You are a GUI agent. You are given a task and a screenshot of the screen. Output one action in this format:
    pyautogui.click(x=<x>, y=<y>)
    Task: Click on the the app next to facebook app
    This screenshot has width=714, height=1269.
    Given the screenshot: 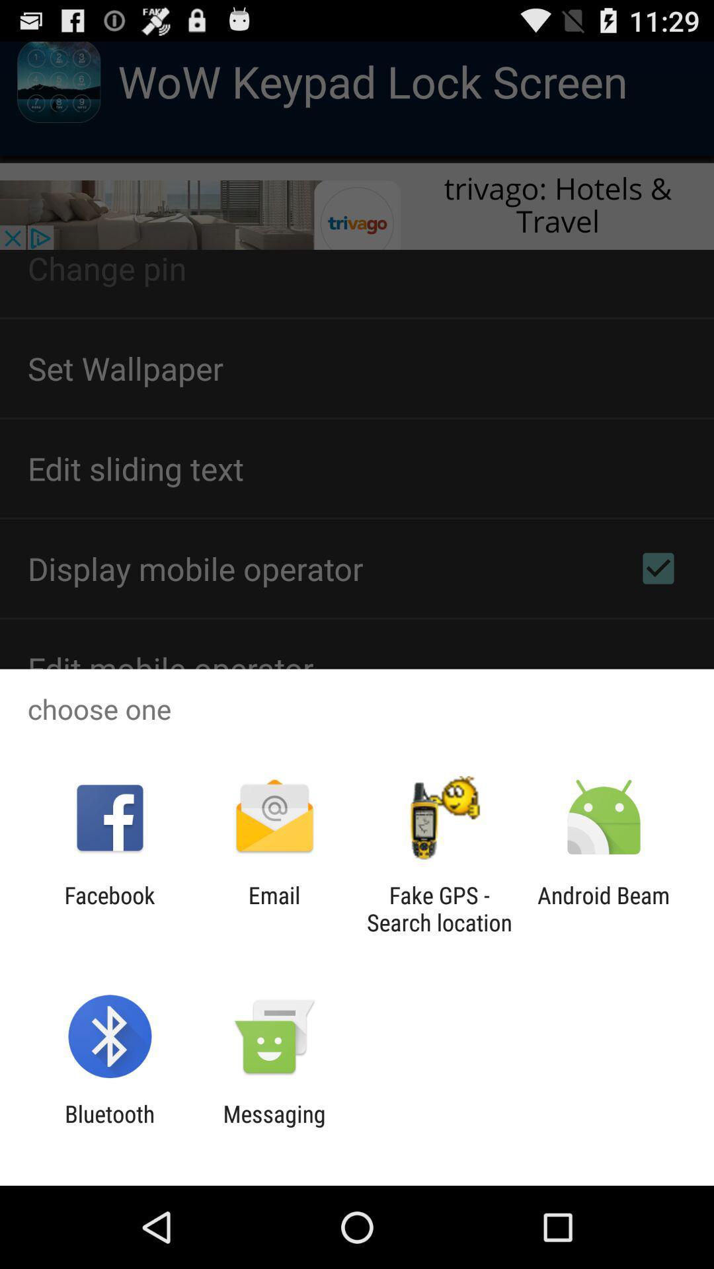 What is the action you would take?
    pyautogui.click(x=274, y=908)
    